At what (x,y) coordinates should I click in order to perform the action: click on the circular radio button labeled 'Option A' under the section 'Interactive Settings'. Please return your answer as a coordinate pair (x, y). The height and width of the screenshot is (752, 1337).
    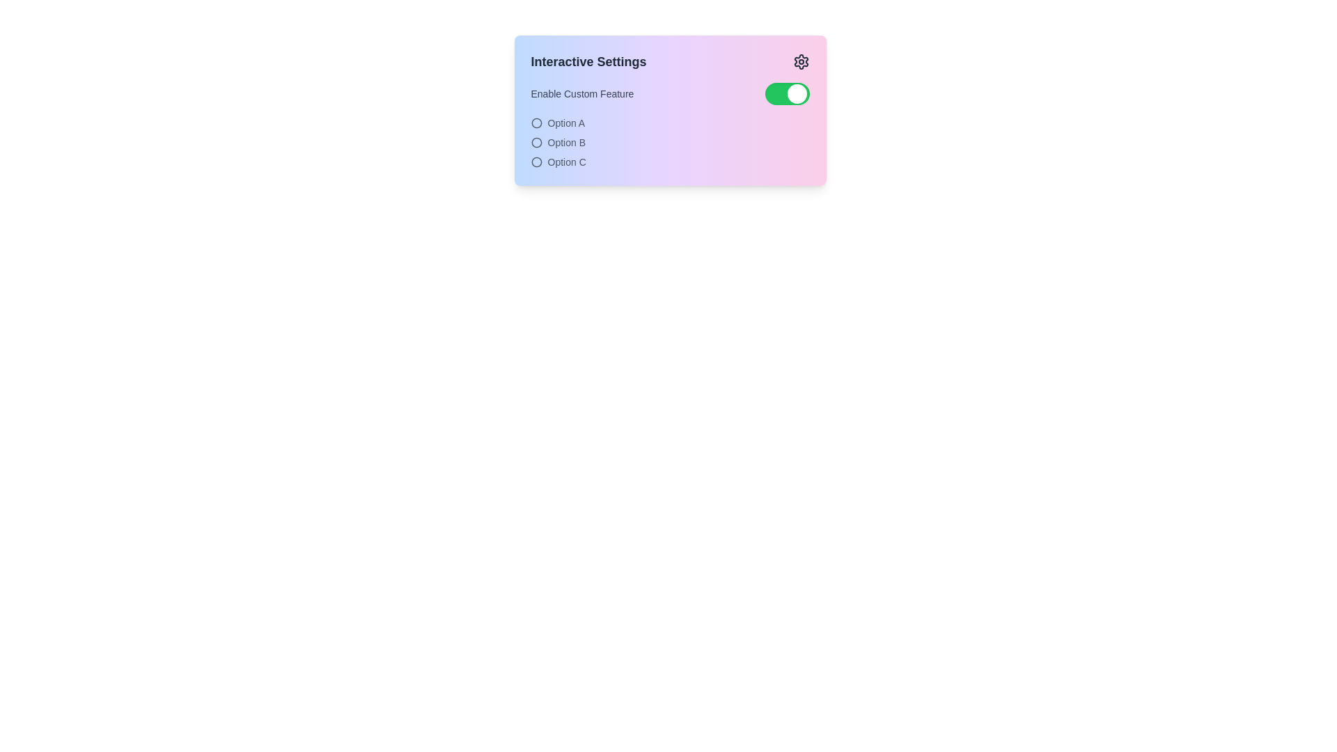
    Looking at the image, I should click on (670, 123).